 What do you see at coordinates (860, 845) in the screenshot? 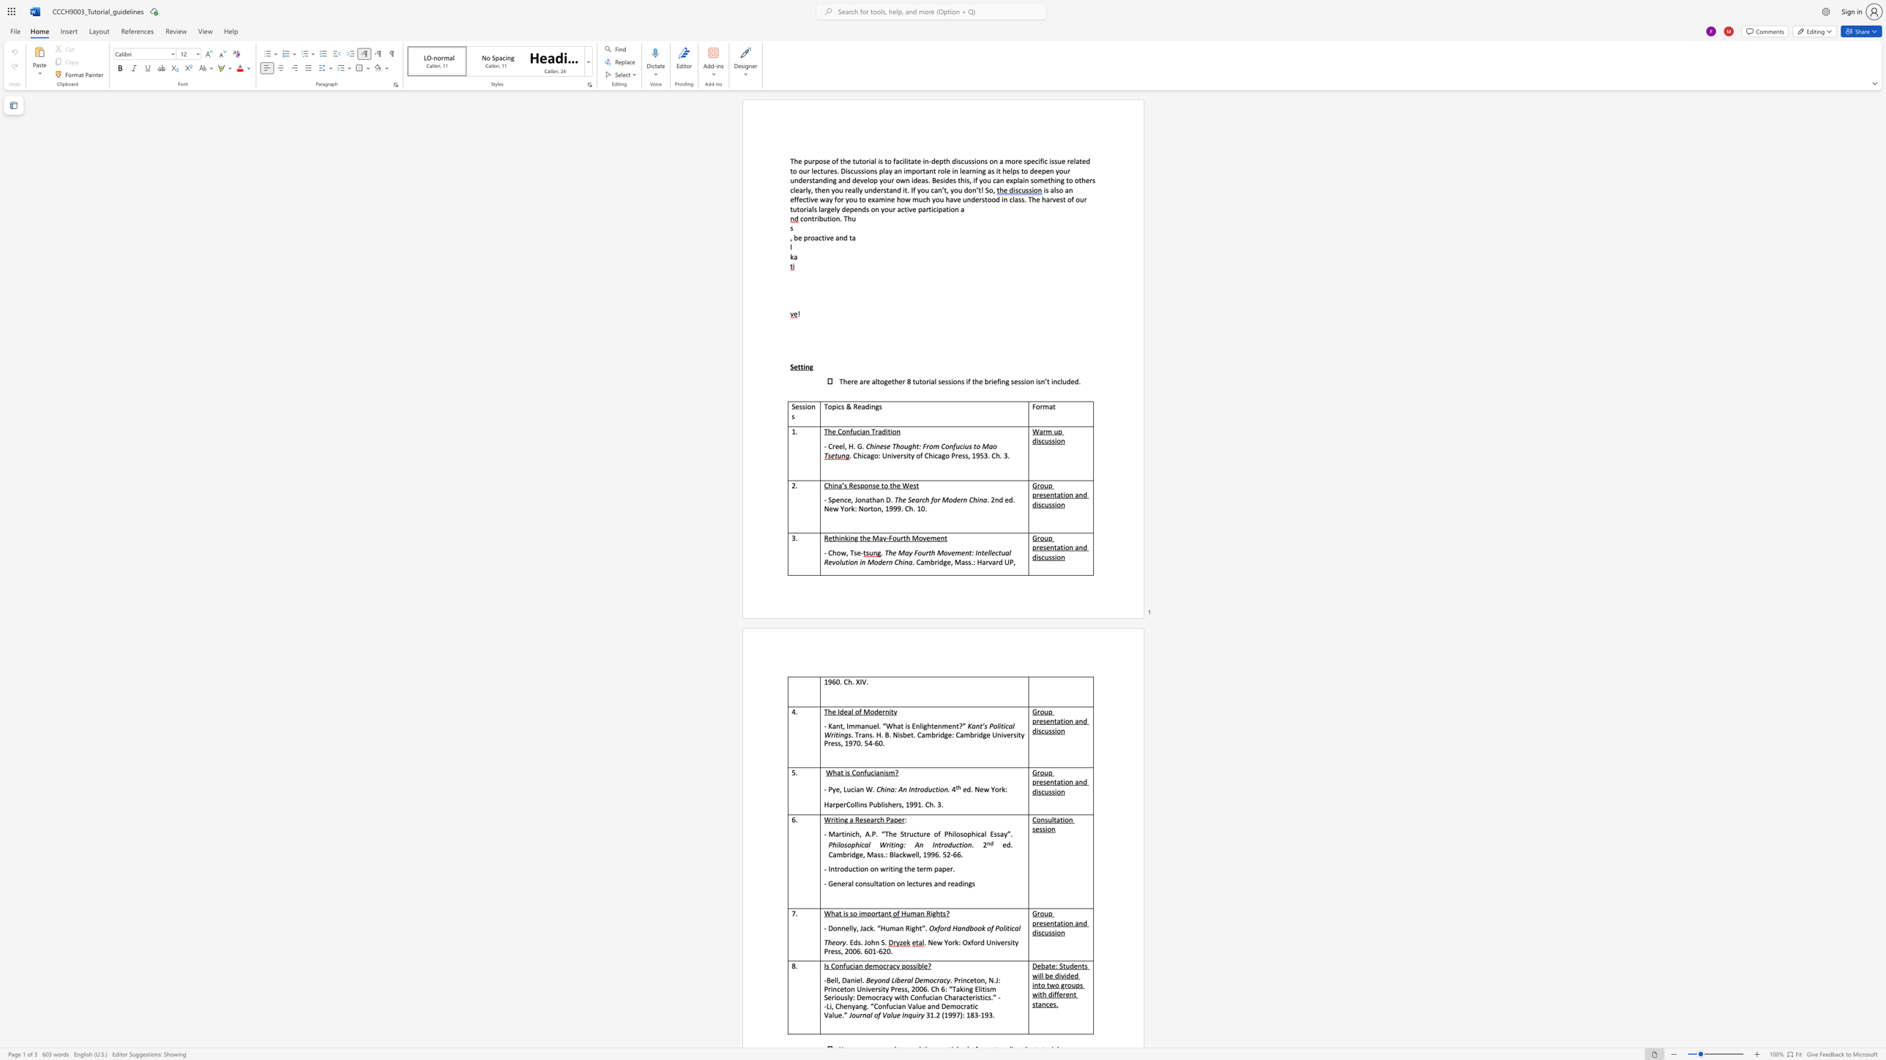
I see `the subset text "cal Writin" within the text "Philosophical Writing: An Introduction"` at bounding box center [860, 845].